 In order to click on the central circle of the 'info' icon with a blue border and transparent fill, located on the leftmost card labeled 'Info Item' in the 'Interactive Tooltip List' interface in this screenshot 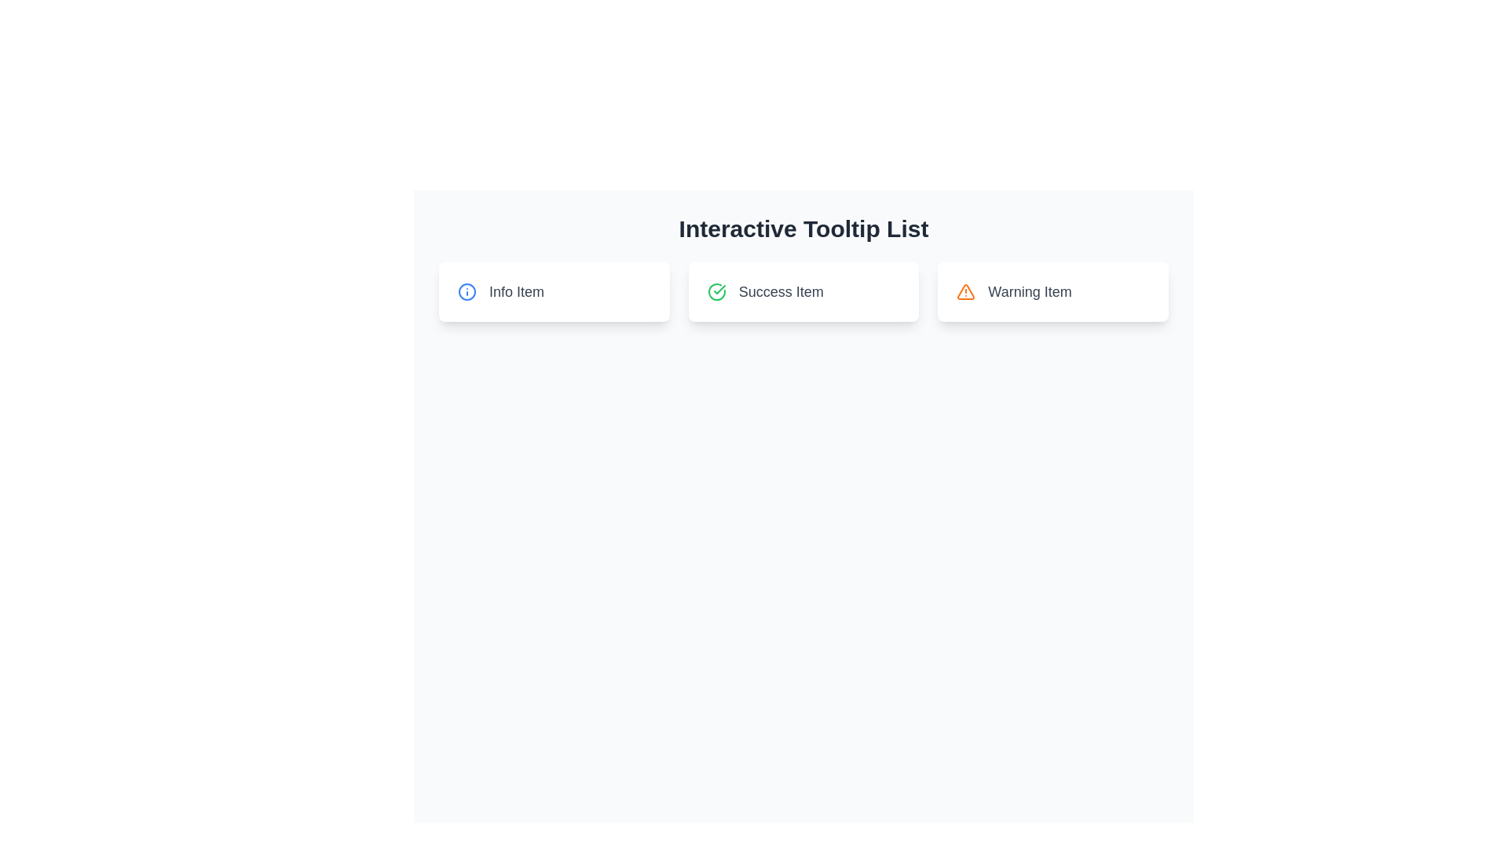, I will do `click(467, 291)`.